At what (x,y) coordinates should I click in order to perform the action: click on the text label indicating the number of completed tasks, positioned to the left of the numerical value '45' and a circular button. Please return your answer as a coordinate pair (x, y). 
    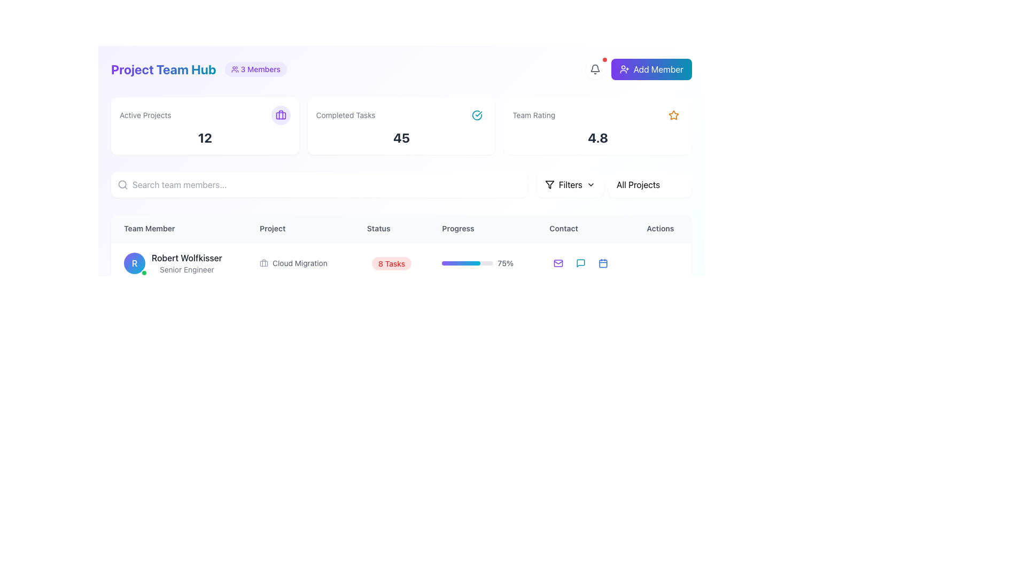
    Looking at the image, I should click on (346, 115).